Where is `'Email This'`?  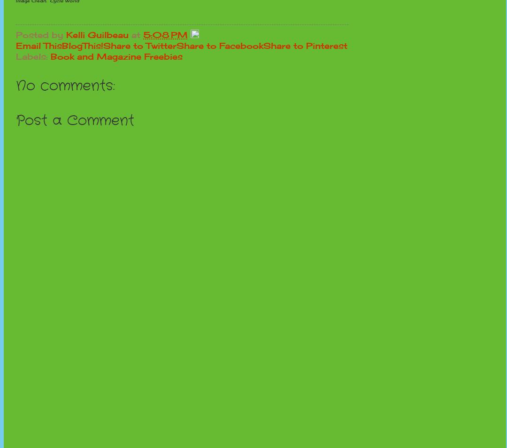 'Email This' is located at coordinates (38, 45).